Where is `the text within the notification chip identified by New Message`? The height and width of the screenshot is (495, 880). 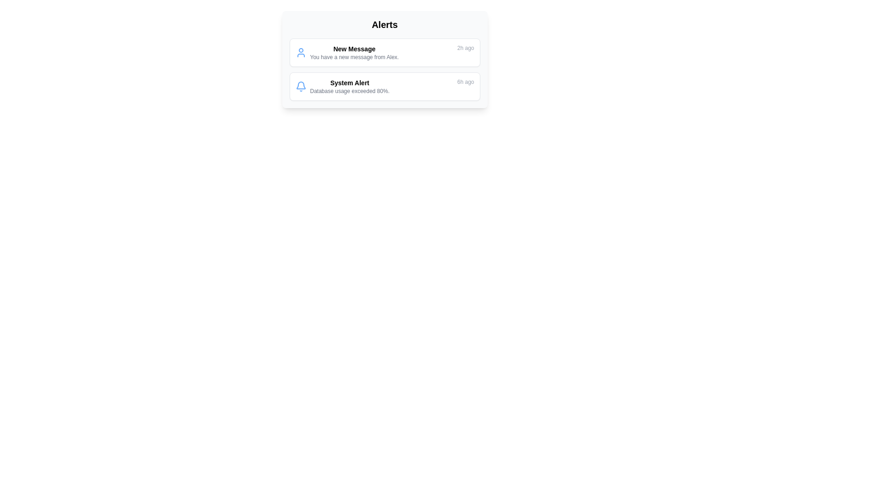
the text within the notification chip identified by New Message is located at coordinates (346, 53).